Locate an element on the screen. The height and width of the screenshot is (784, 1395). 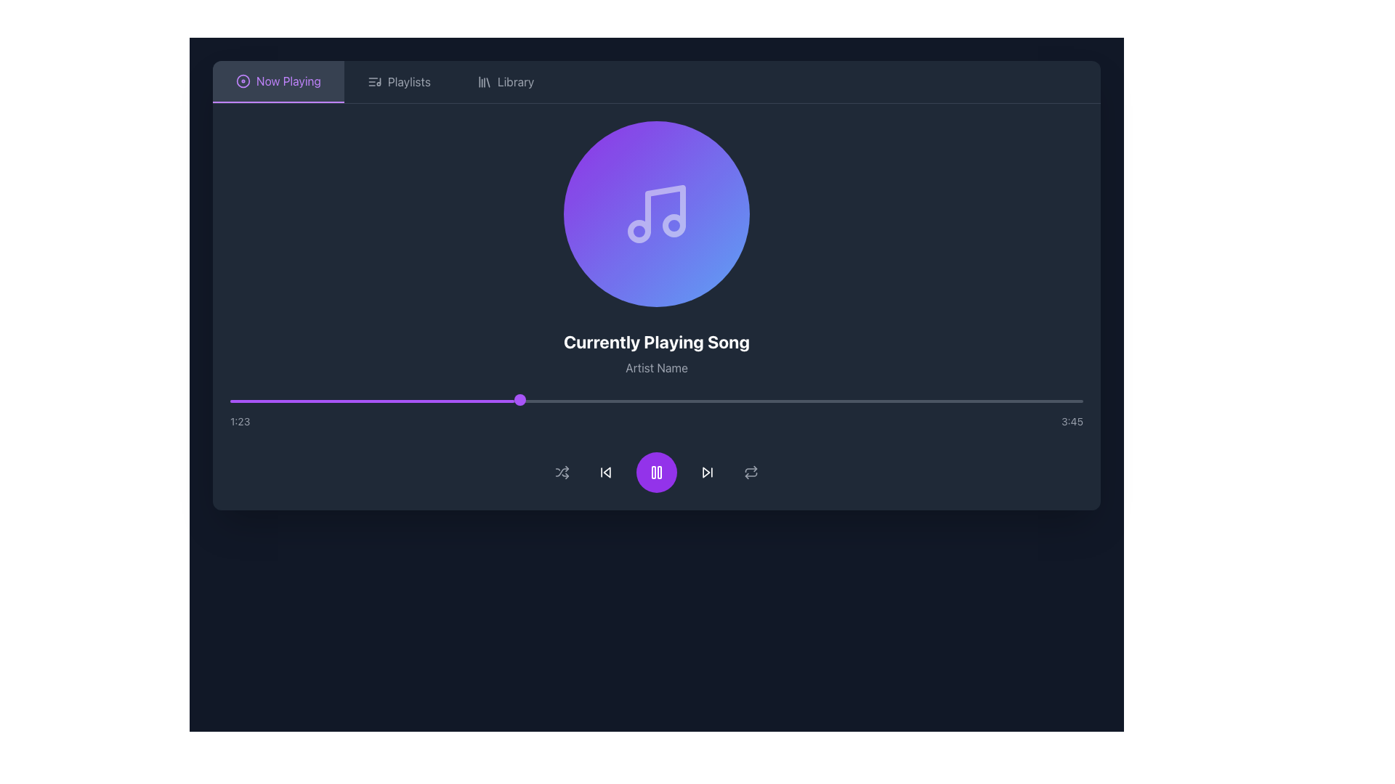
the playback position is located at coordinates (1068, 401).